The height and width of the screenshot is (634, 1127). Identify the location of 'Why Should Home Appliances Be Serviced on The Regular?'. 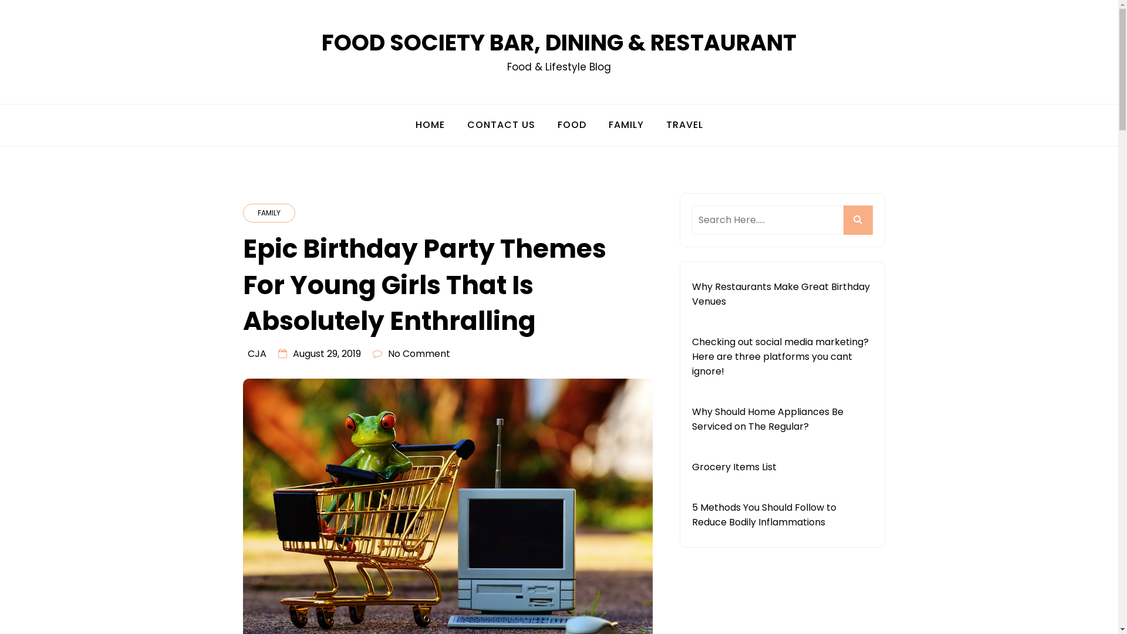
(767, 418).